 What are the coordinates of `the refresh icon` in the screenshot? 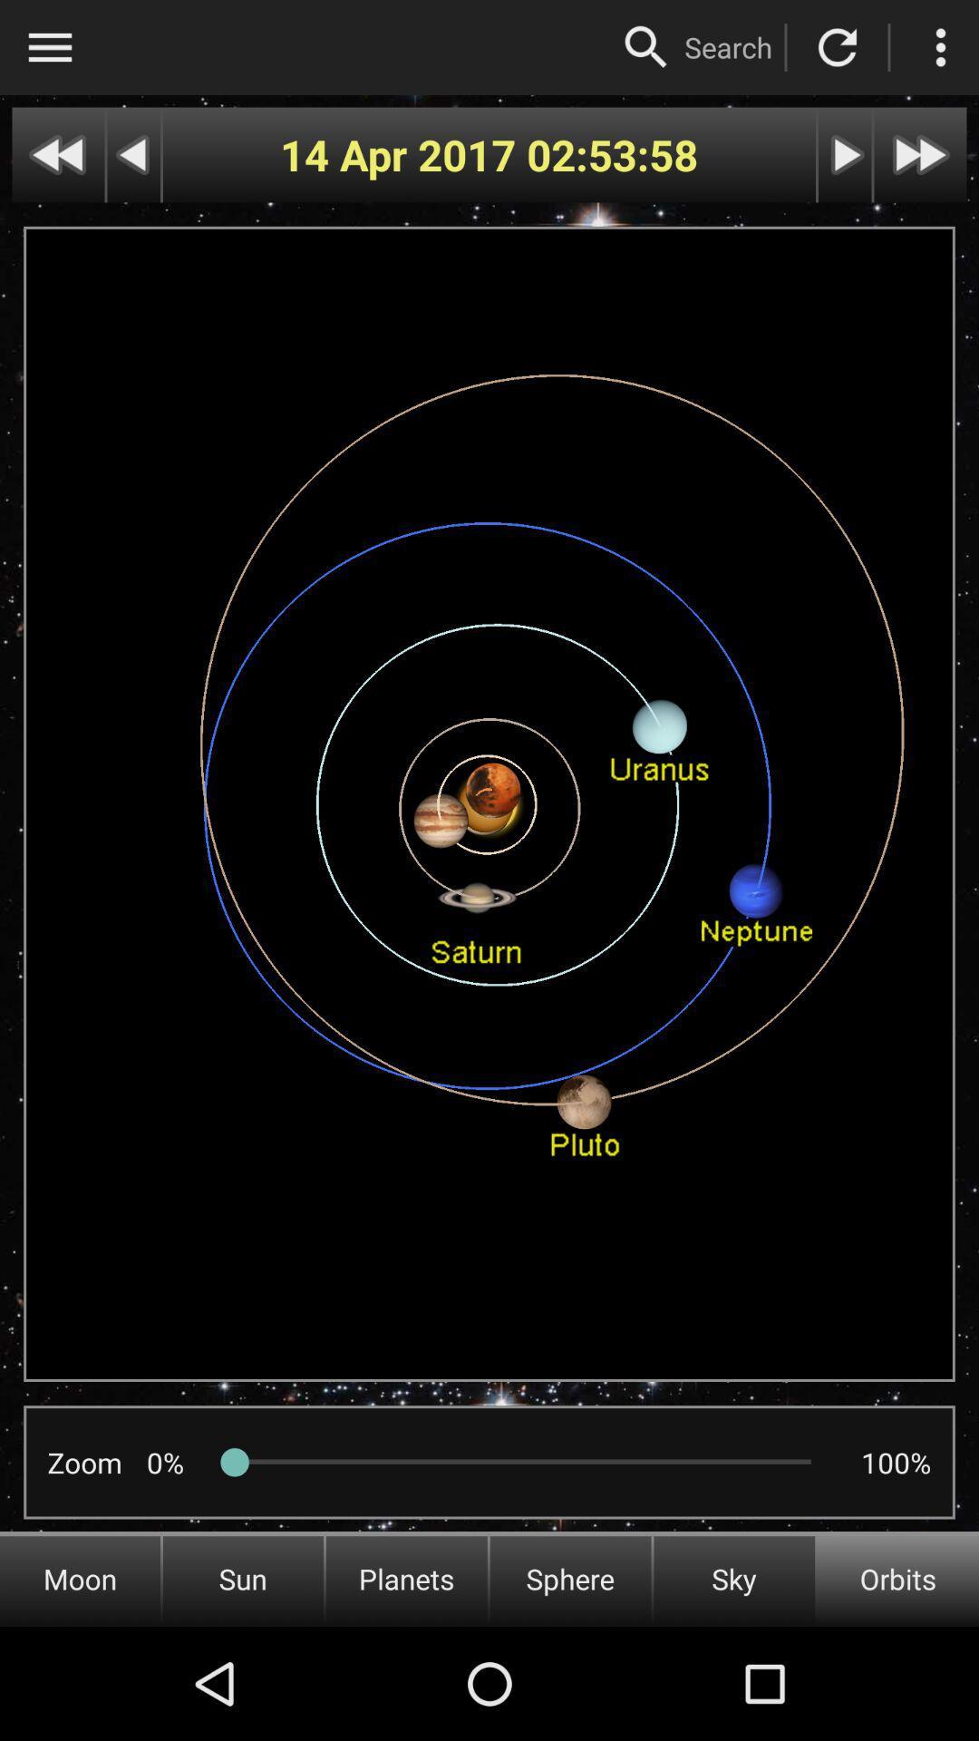 It's located at (838, 47).